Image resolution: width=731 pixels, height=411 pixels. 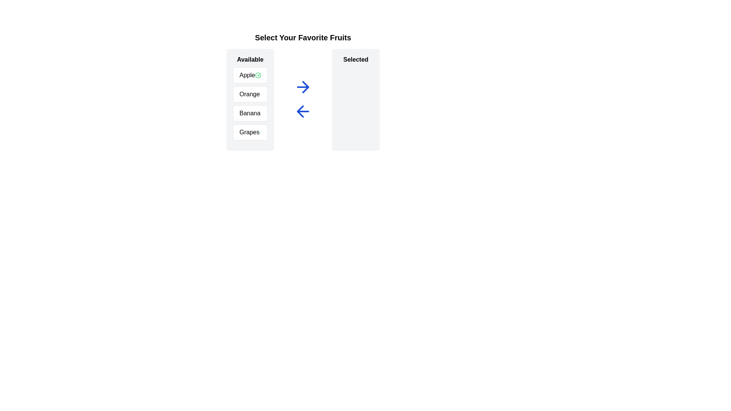 What do you see at coordinates (250, 75) in the screenshot?
I see `the text of the selected item Apple` at bounding box center [250, 75].